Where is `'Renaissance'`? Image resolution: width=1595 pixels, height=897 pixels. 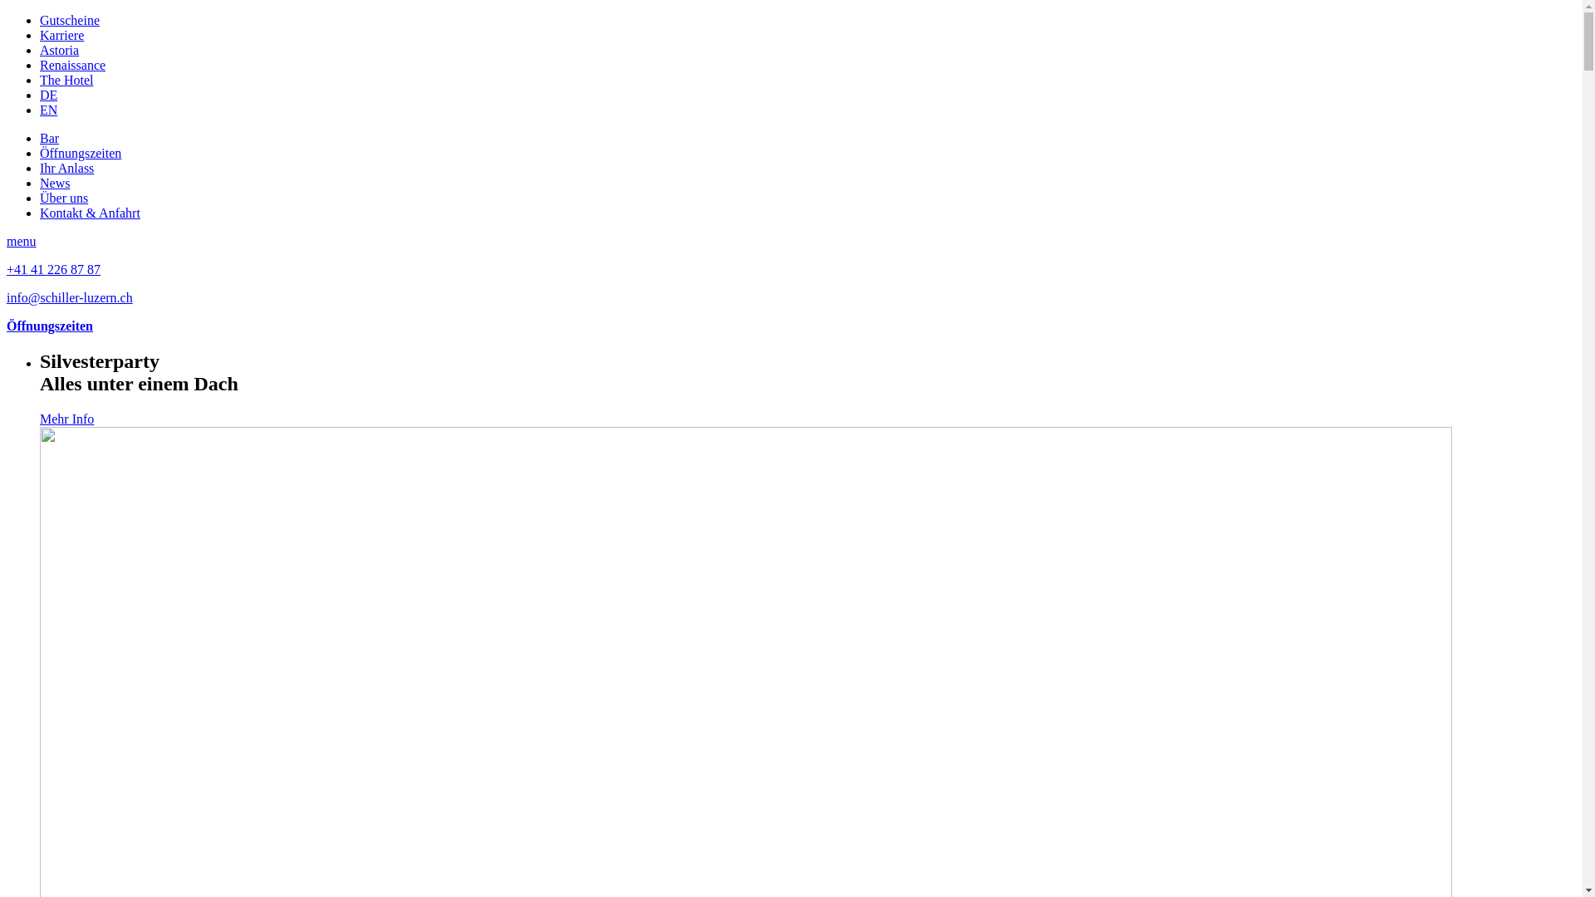
'Renaissance' is located at coordinates (71, 64).